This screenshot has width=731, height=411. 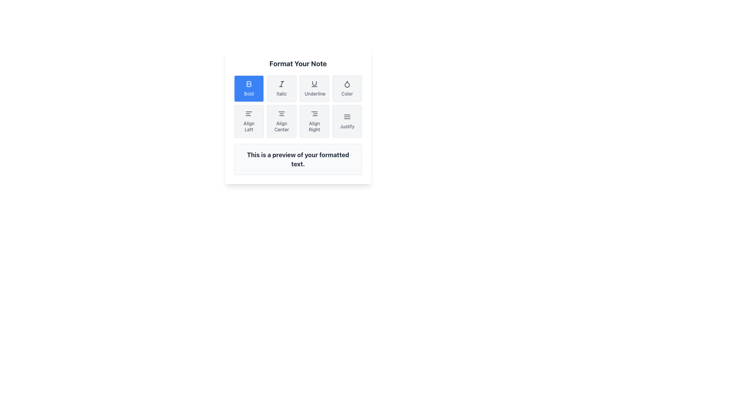 I want to click on the 'Align Left' button, which has rounded borders, a light gray background, an icon of three horizontally aligned lines, and the label 'Align Left' beneath it, so click(x=249, y=121).